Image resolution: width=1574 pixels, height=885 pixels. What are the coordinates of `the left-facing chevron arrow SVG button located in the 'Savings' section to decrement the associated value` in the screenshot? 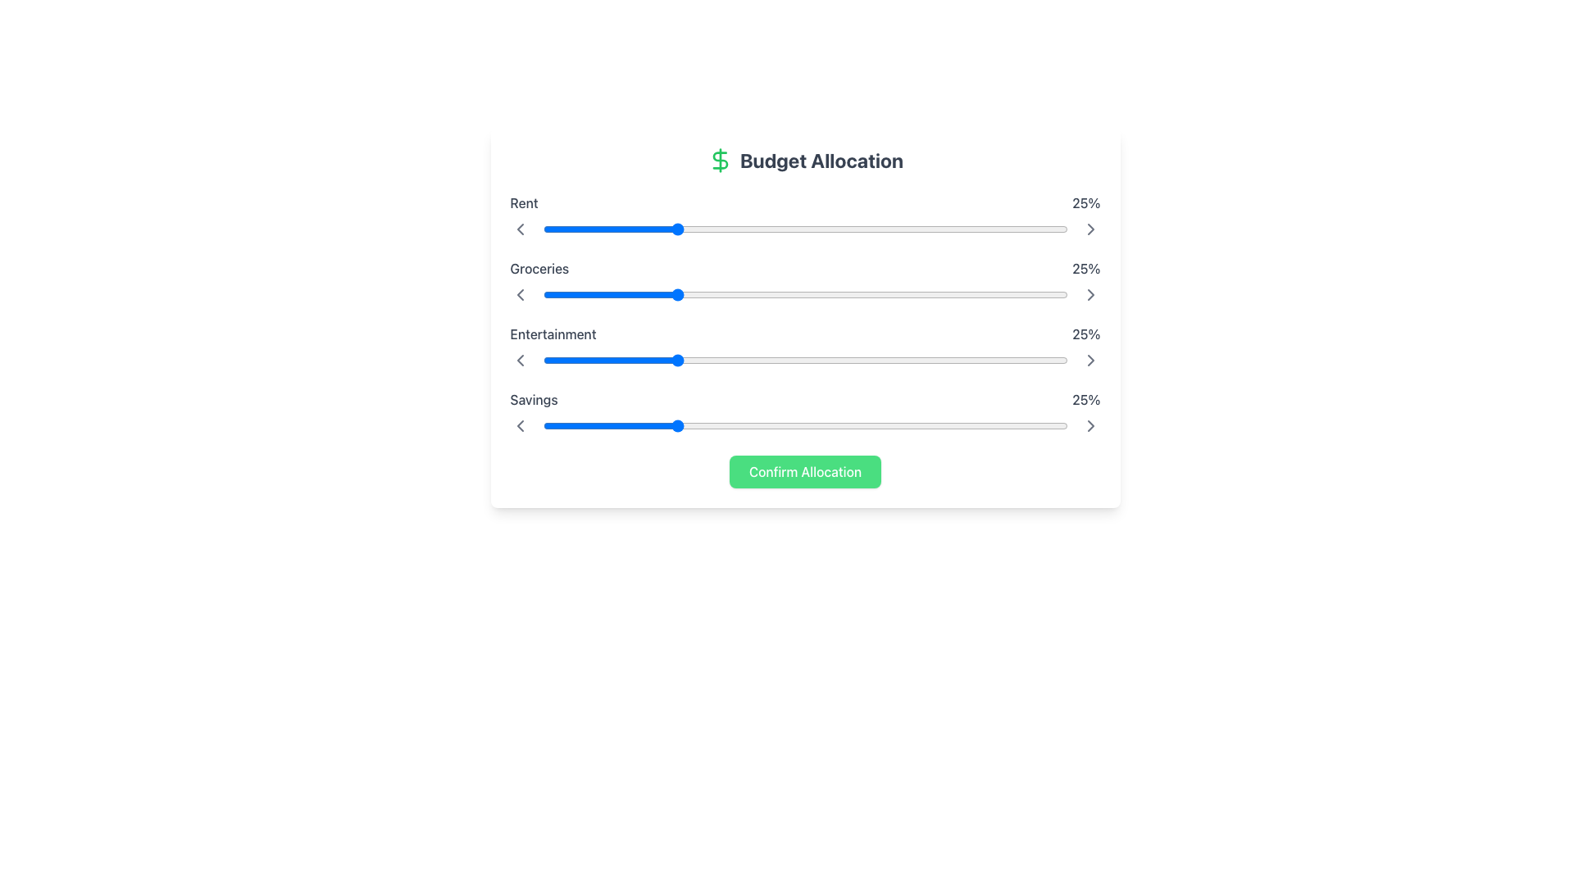 It's located at (519, 425).